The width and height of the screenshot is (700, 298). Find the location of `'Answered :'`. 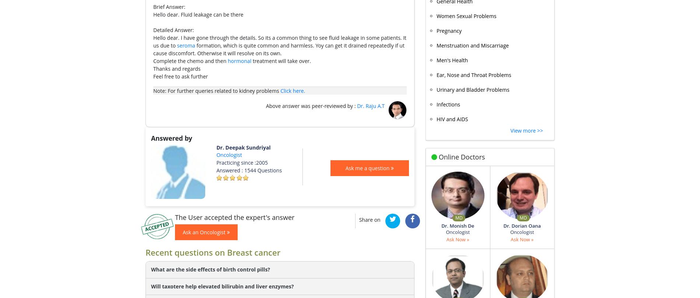

'Answered :' is located at coordinates (230, 169).